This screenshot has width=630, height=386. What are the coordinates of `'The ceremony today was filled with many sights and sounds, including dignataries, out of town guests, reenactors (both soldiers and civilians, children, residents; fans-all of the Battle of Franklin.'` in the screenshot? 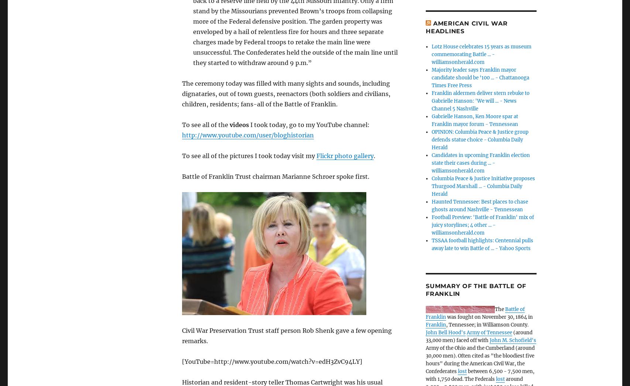 It's located at (182, 93).